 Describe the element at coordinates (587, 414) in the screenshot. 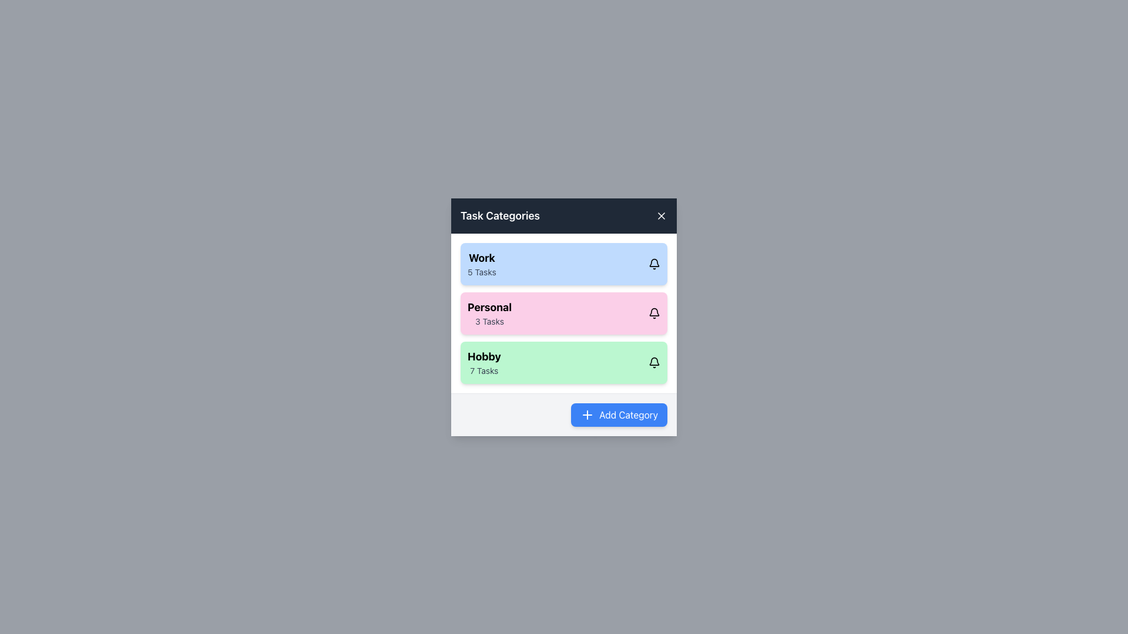

I see `the small plus icon within the blue button labeled 'Add Category' located at the lower-right corner of the 'Task Categories' modal` at that location.